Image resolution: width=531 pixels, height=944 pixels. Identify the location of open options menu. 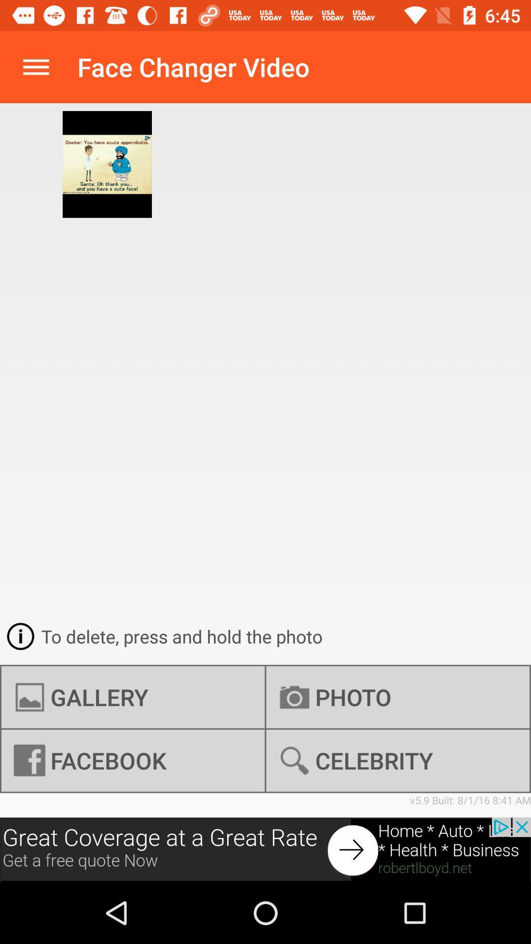
(35, 66).